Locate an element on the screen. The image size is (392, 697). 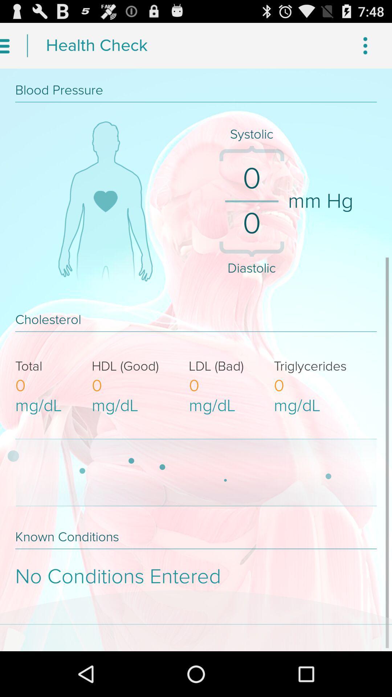
the separator which is left to mm hg is located at coordinates (251, 201).